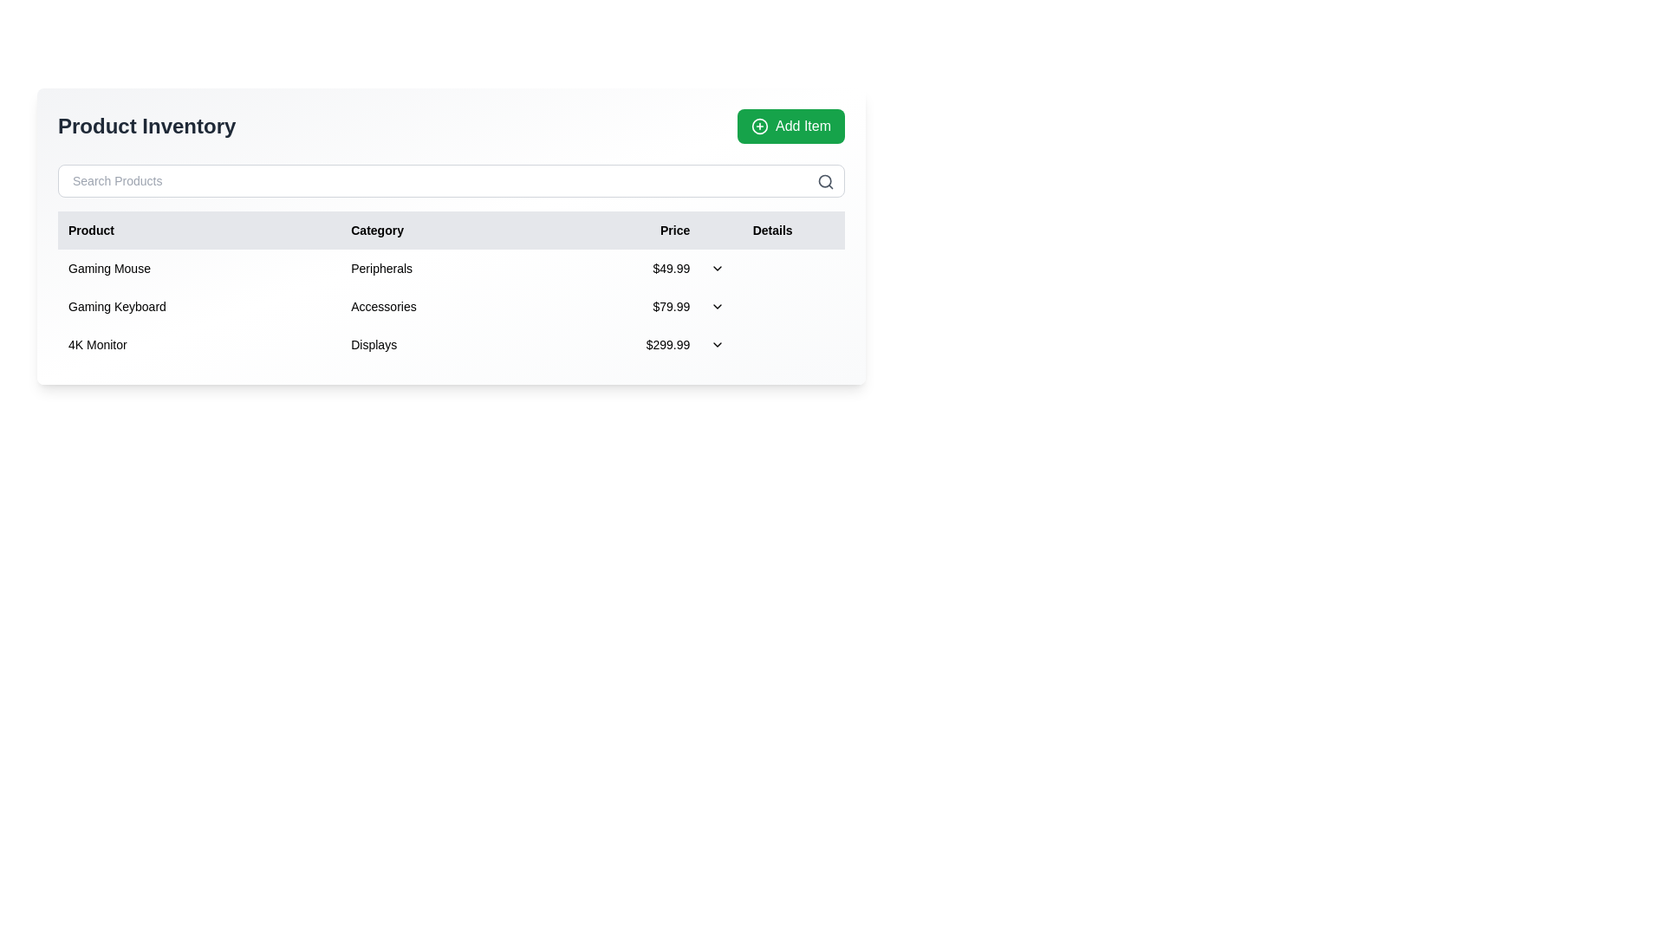 The image size is (1664, 936). What do you see at coordinates (452, 344) in the screenshot?
I see `the third row of the table that represents the product '4K Monitor' to focus or highlight it` at bounding box center [452, 344].